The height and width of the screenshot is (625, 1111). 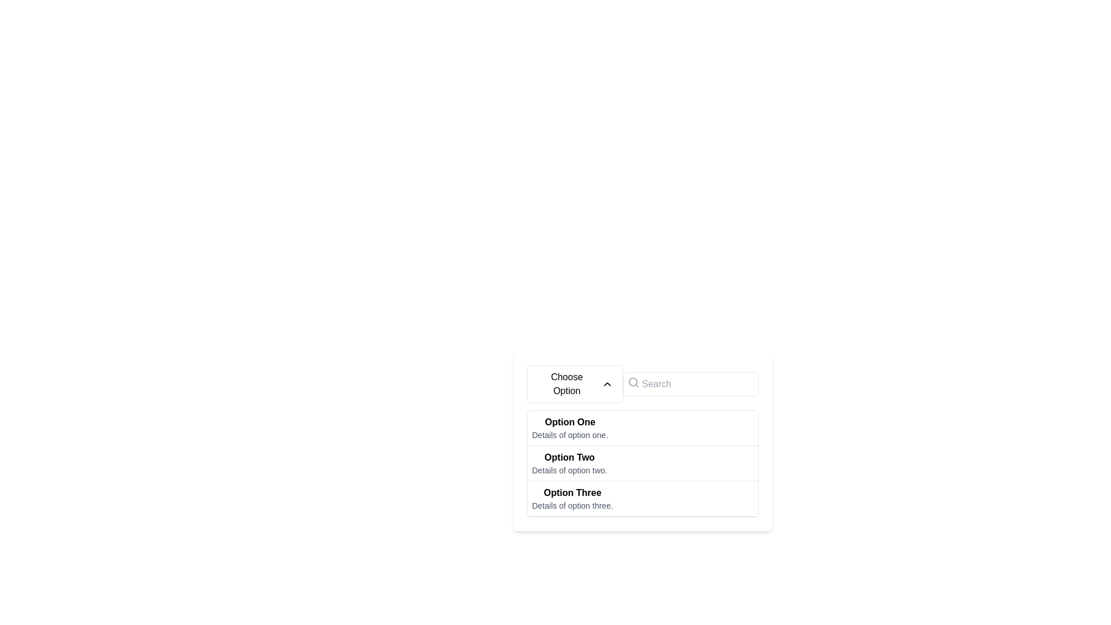 What do you see at coordinates (575, 384) in the screenshot?
I see `the Dropdown Trigger button located in the top-left part of the dropdown menu` at bounding box center [575, 384].